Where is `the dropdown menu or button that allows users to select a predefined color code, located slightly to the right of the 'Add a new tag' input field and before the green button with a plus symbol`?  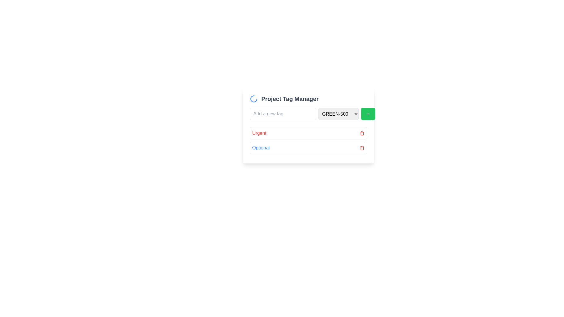
the dropdown menu or button that allows users to select a predefined color code, located slightly to the right of the 'Add a new tag' input field and before the green button with a plus symbol is located at coordinates (338, 114).